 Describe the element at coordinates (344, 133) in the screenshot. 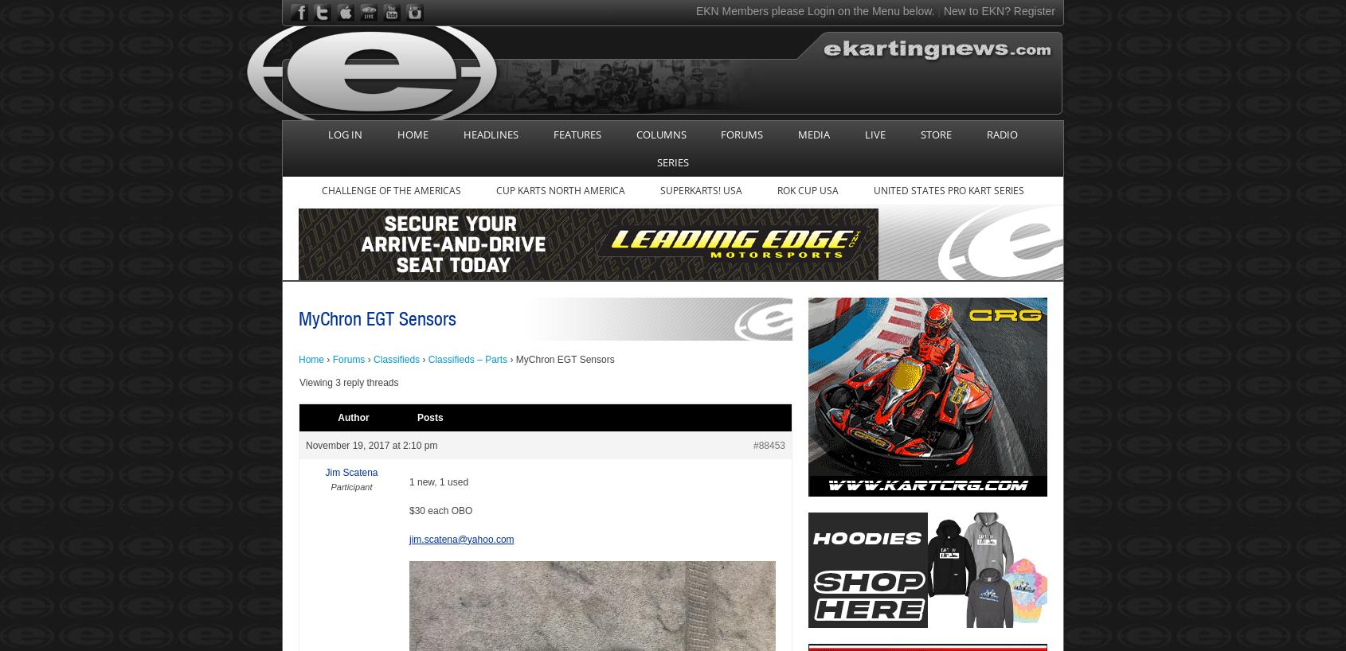

I see `'Log In'` at that location.